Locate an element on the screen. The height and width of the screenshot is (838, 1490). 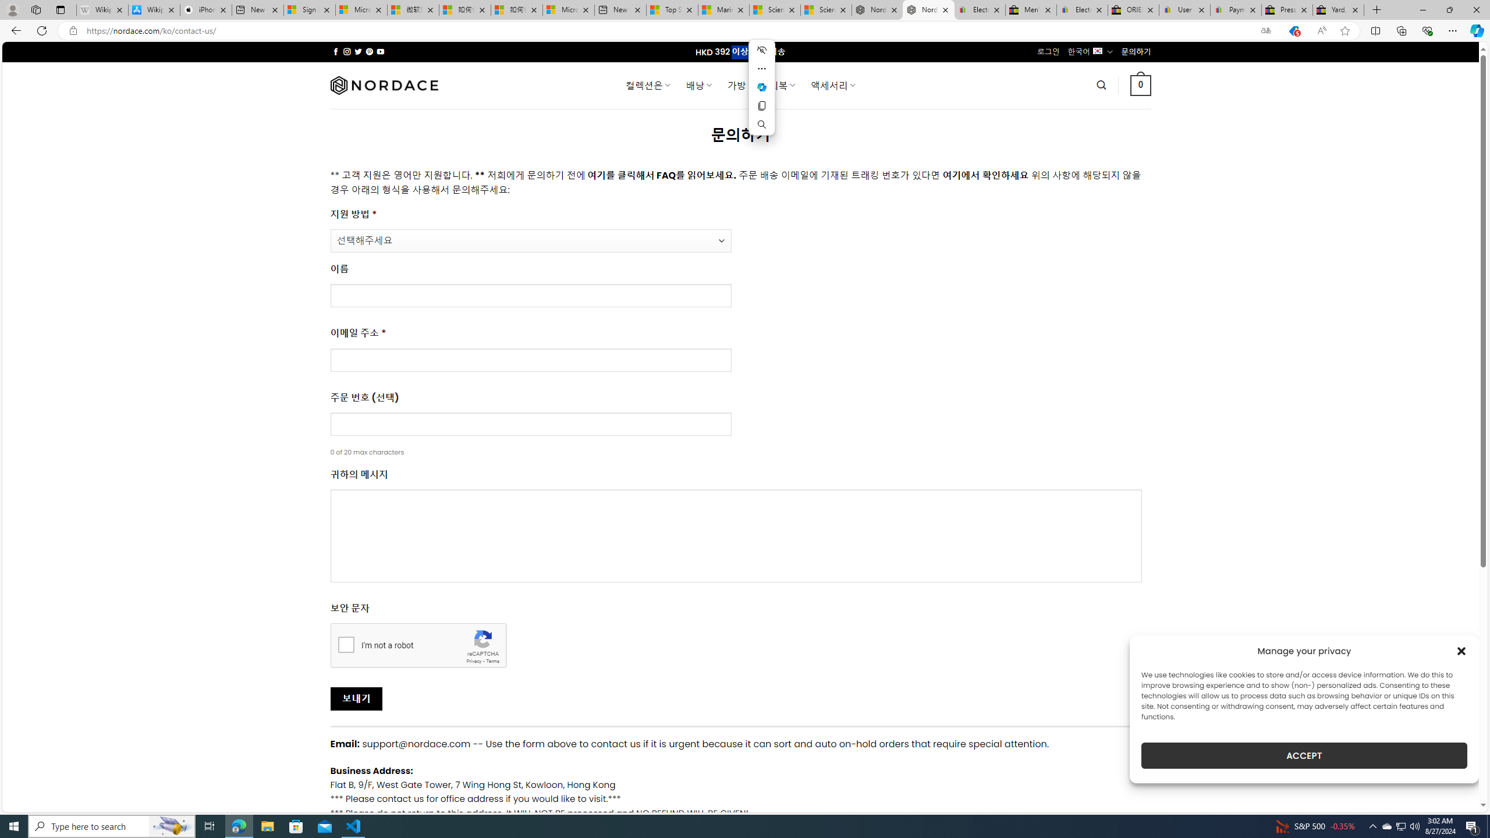
'Hide menu' is located at coordinates (761, 49).